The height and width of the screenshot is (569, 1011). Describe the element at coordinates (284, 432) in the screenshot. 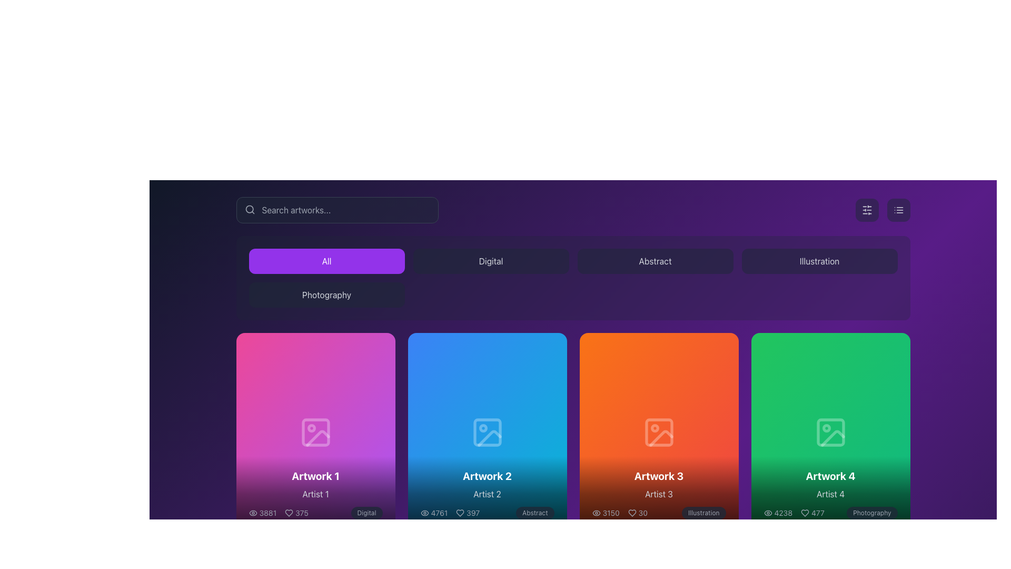

I see `the circular grayish button located in the middle of the first card in the grid layout` at that location.